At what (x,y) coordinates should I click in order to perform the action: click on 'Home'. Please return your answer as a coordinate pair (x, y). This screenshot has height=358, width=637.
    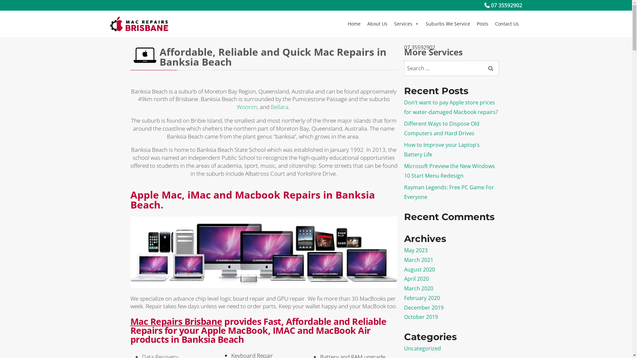
    Looking at the image, I should click on (354, 24).